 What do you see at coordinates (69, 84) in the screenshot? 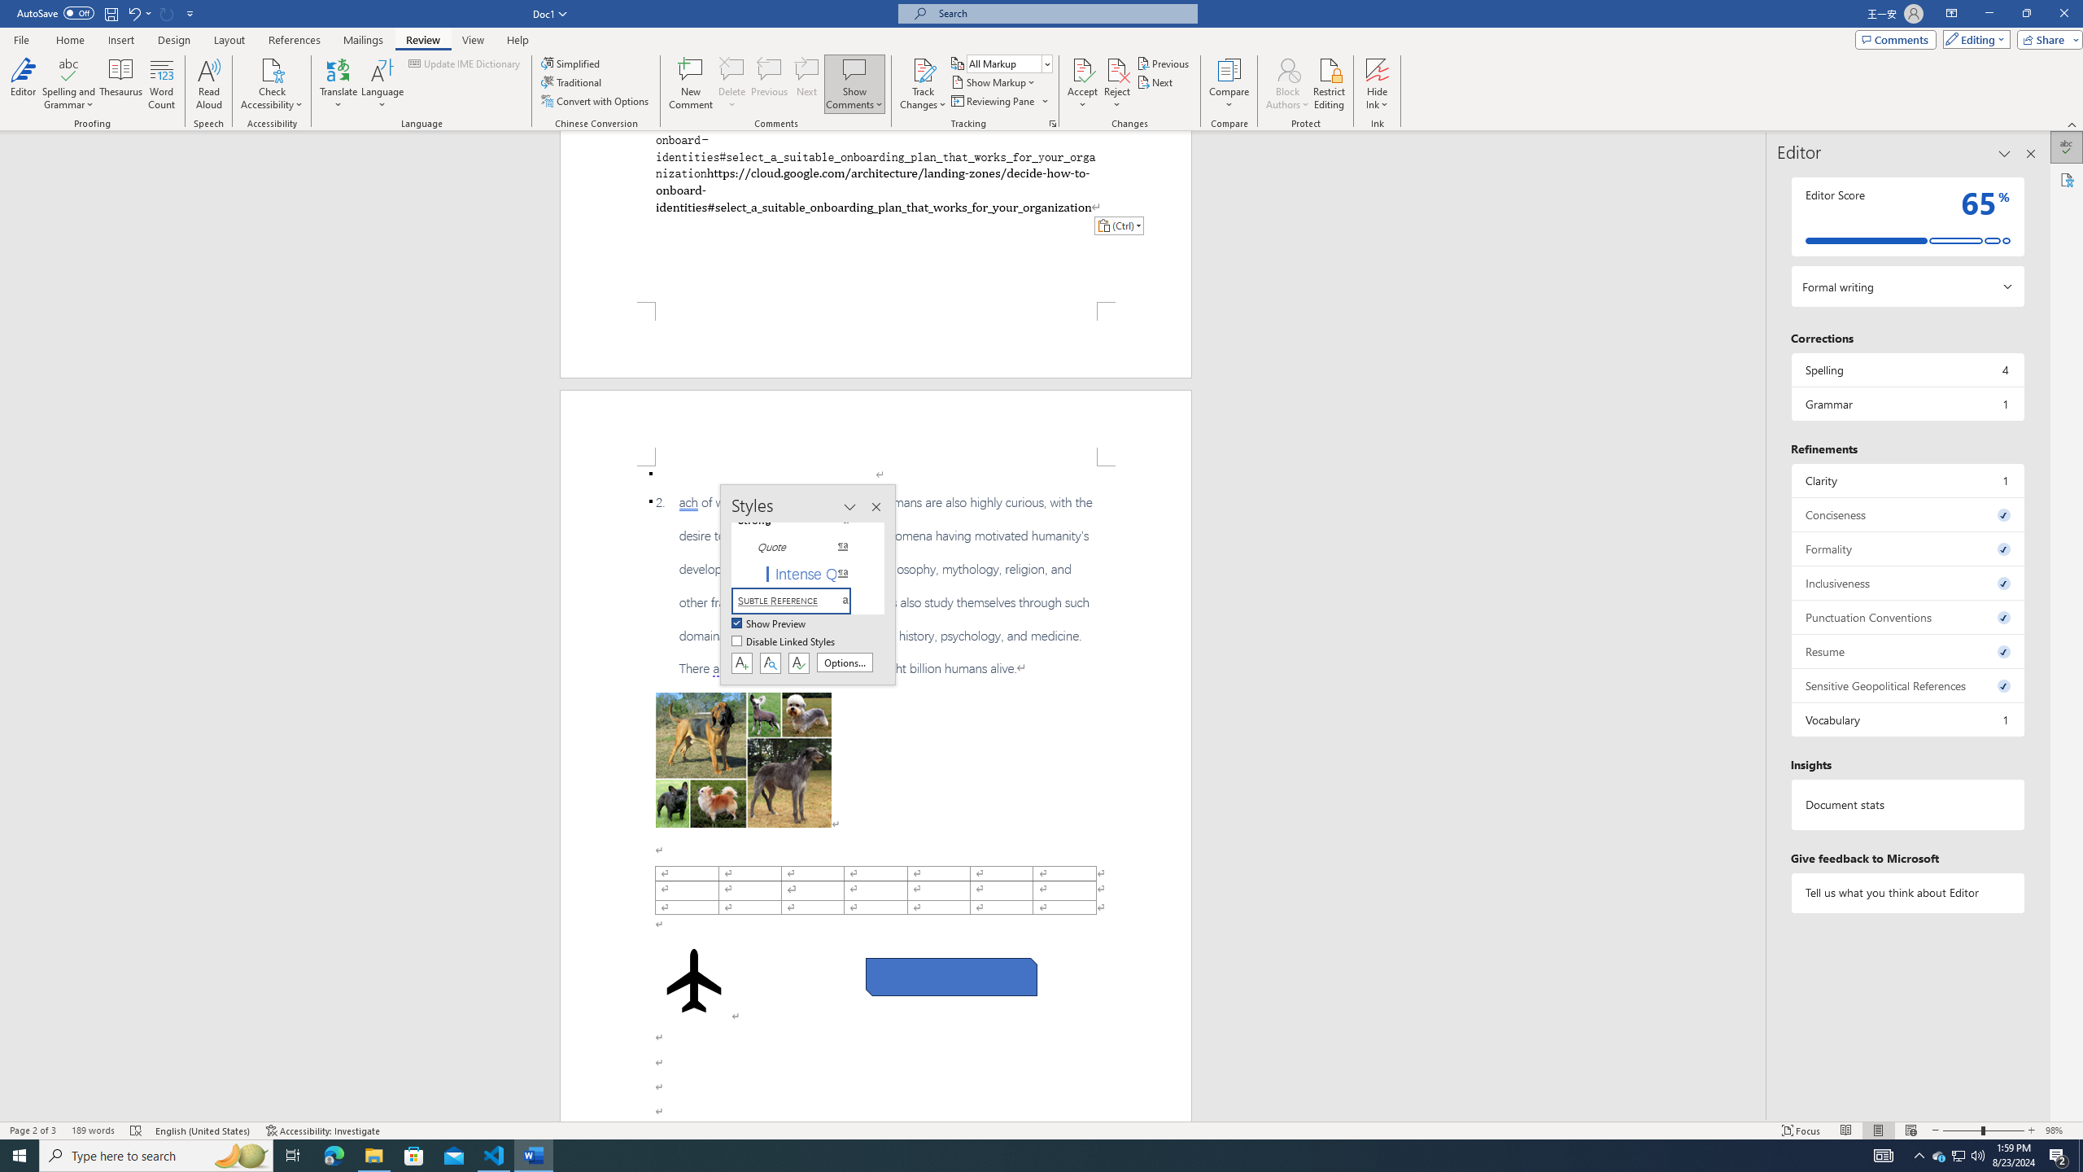
I see `'Spelling and Grammar'` at bounding box center [69, 84].